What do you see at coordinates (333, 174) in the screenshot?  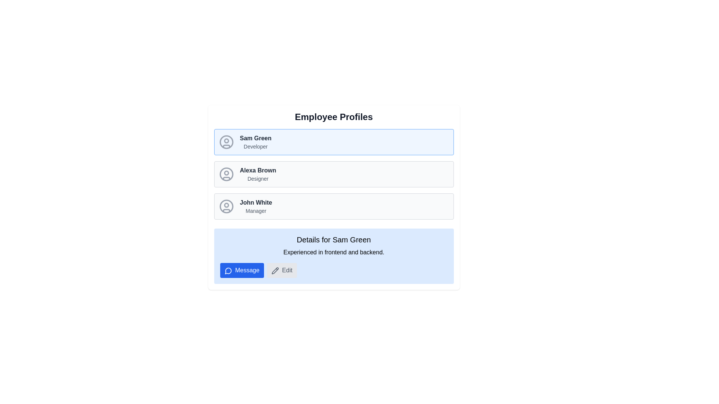 I see `the card for 'Alexa Brown', the second profile in the employee list` at bounding box center [333, 174].